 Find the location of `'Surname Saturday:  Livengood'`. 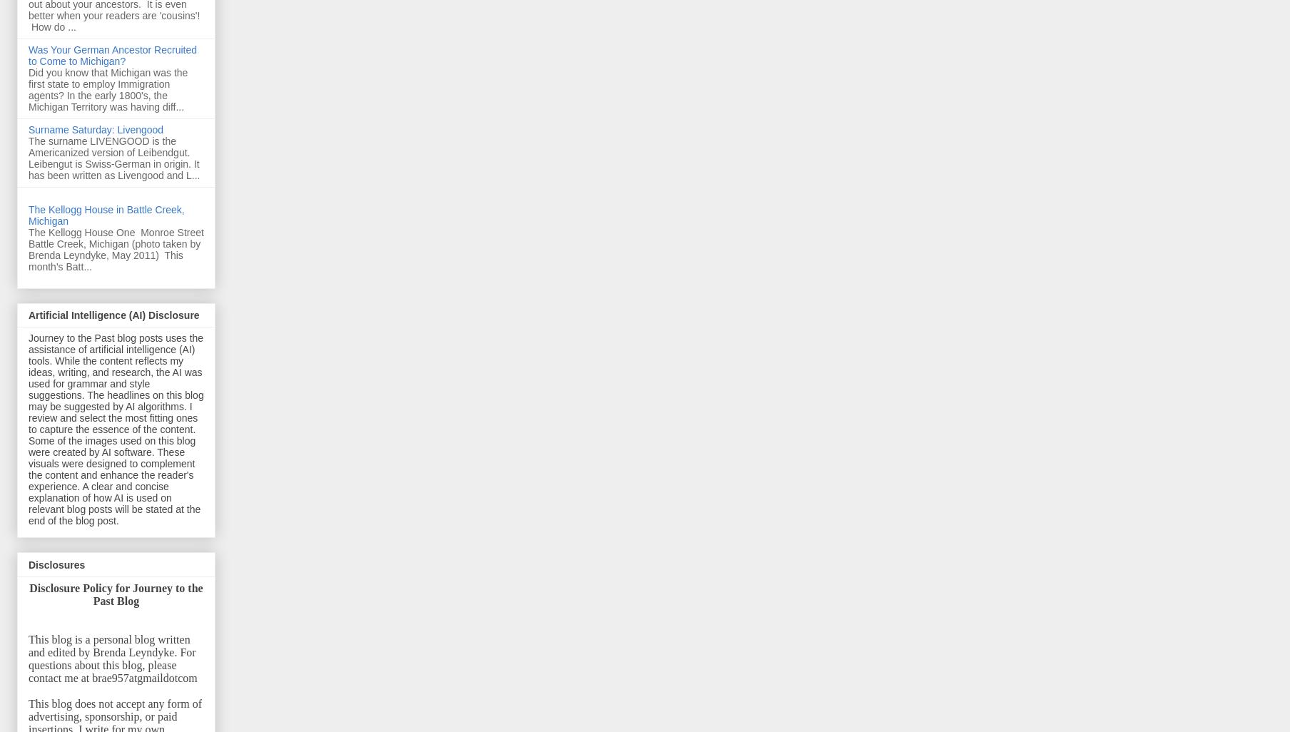

'Surname Saturday:  Livengood' is located at coordinates (95, 128).